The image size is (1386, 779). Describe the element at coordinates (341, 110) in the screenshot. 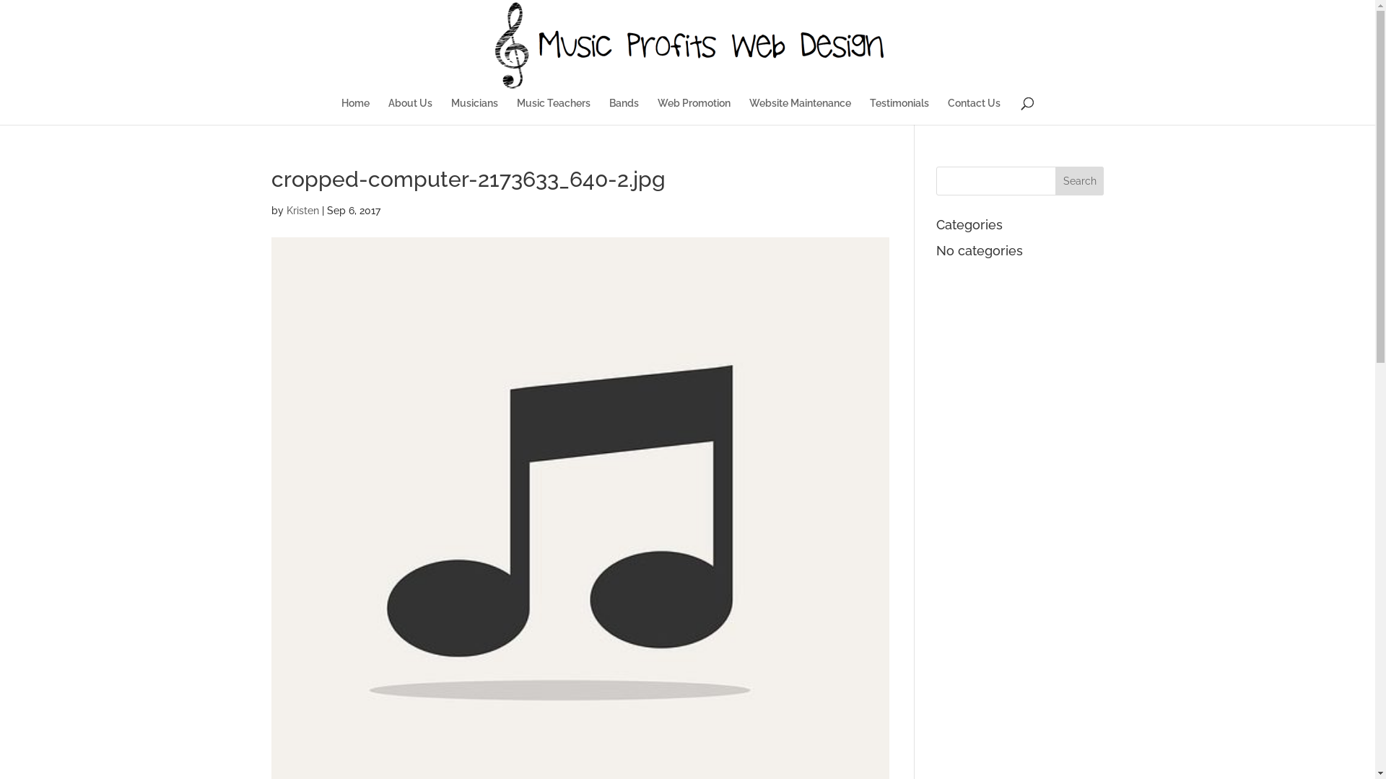

I see `'Home'` at that location.